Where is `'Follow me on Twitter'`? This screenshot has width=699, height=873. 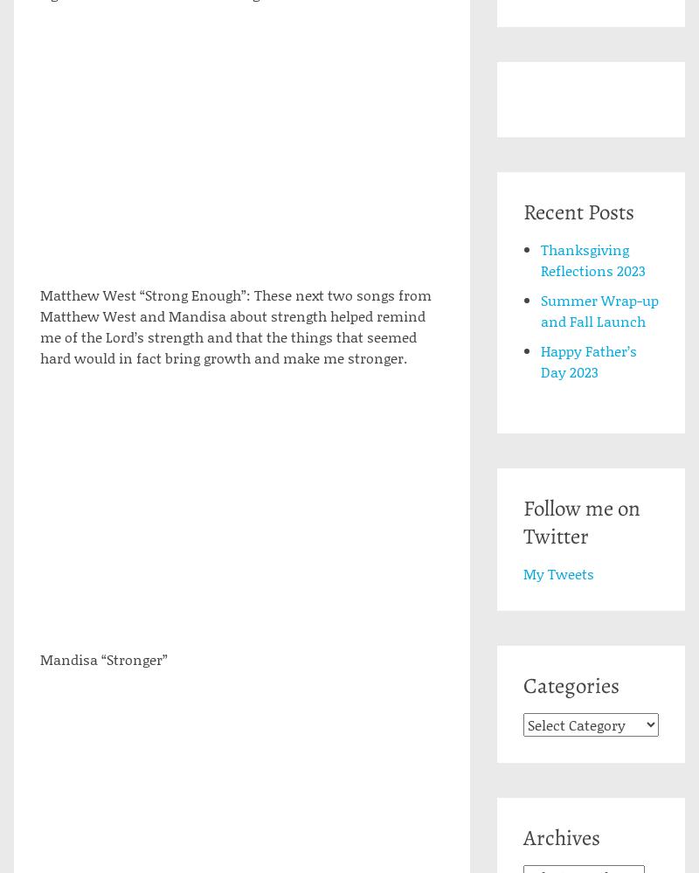
'Follow me on Twitter' is located at coordinates (580, 523).